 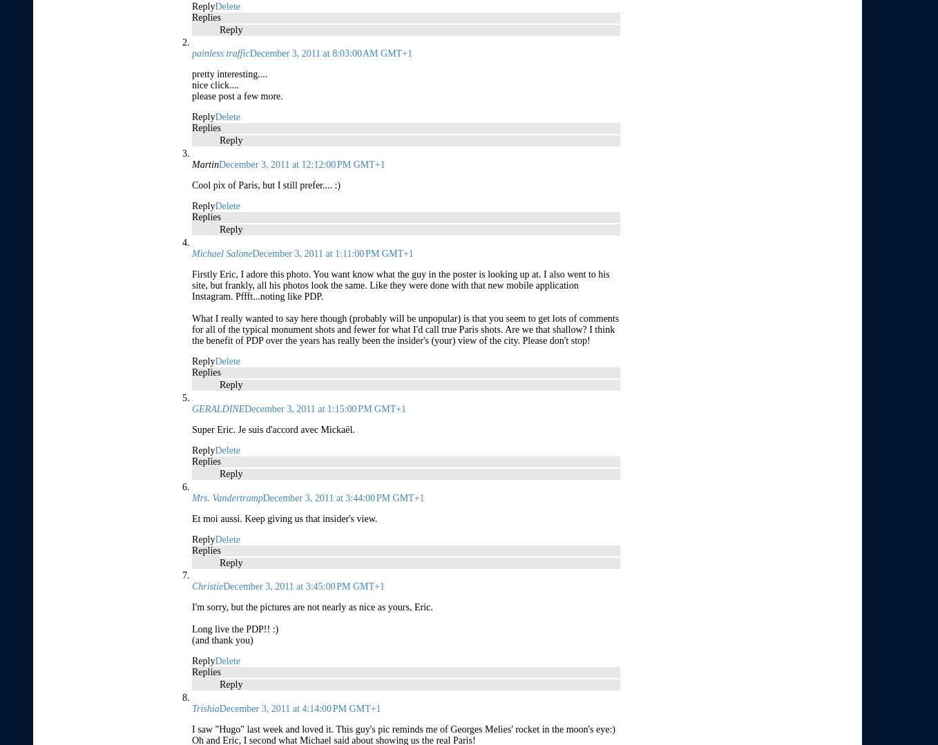 What do you see at coordinates (221, 253) in the screenshot?
I see `'Michael Salone'` at bounding box center [221, 253].